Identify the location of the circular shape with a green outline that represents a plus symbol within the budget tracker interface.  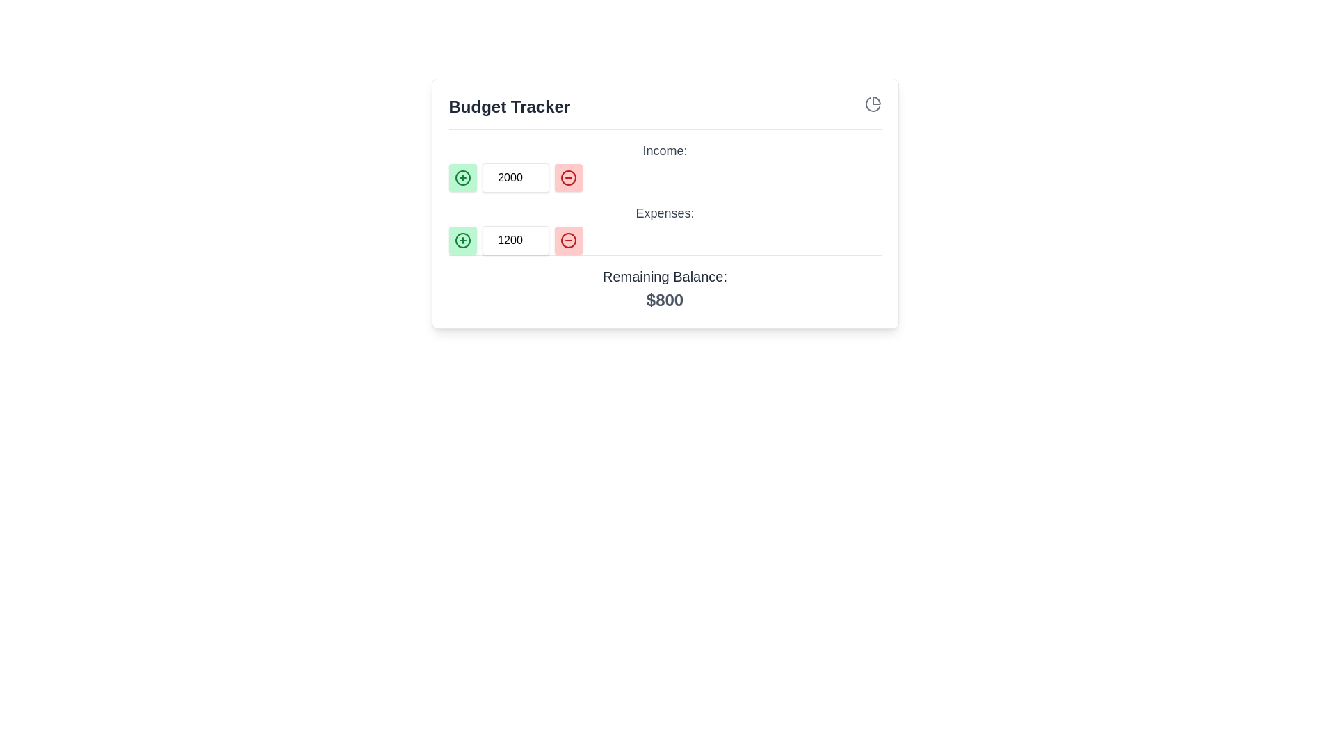
(462, 177).